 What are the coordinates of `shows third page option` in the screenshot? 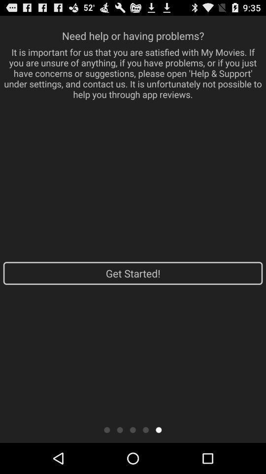 It's located at (133, 429).